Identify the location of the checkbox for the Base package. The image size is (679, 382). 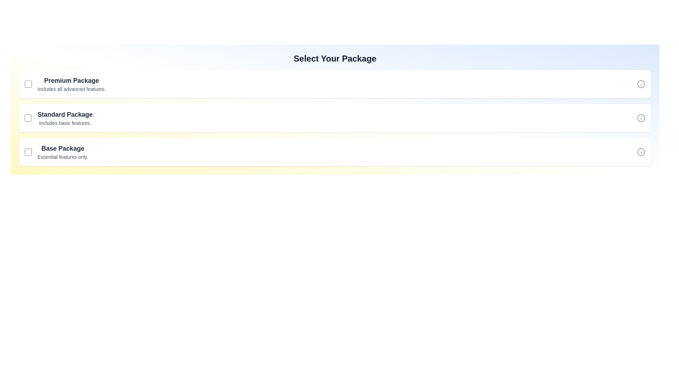
(28, 151).